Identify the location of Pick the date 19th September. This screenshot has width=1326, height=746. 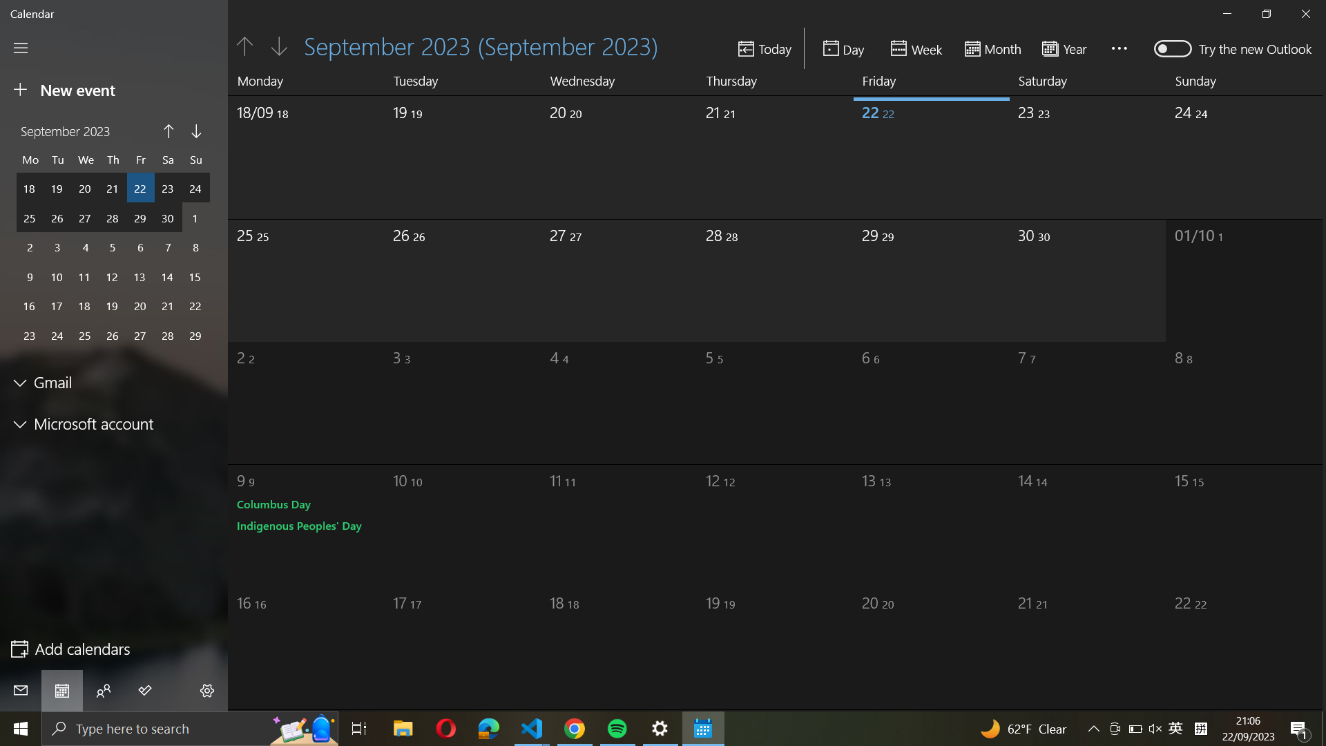
(433, 154).